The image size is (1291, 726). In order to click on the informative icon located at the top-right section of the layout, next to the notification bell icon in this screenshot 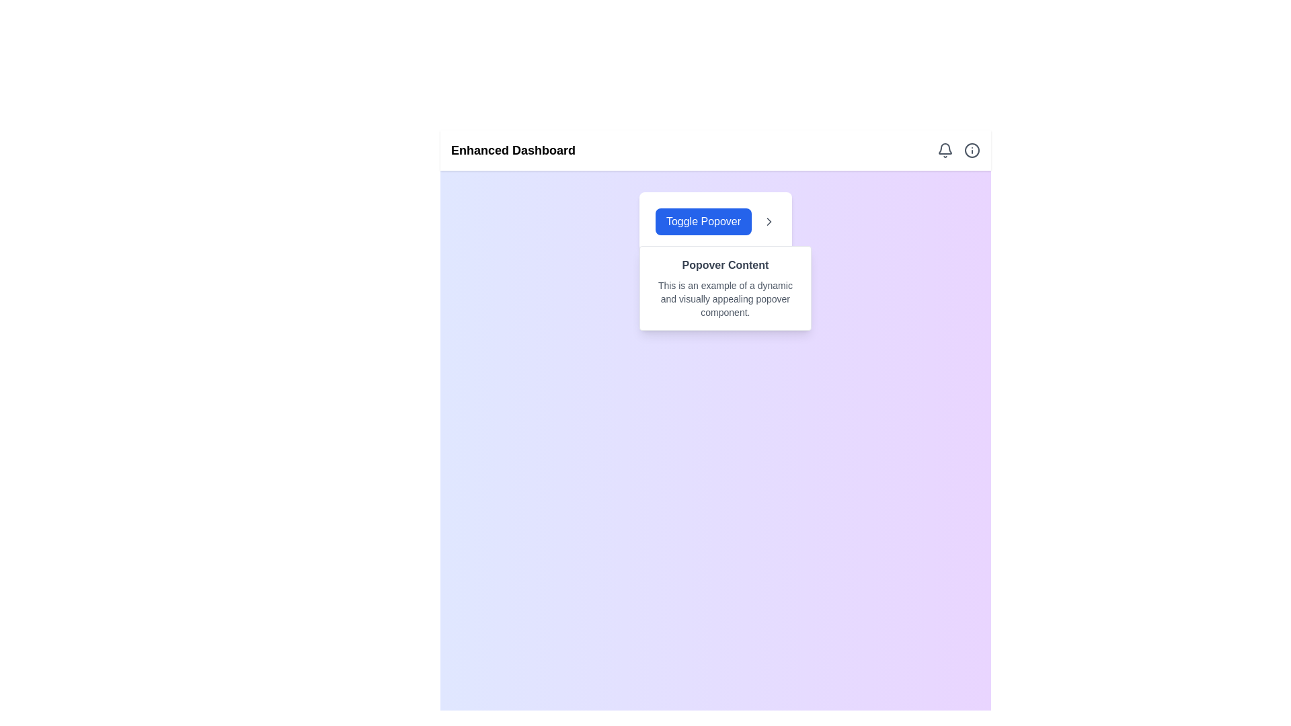, I will do `click(972, 150)`.